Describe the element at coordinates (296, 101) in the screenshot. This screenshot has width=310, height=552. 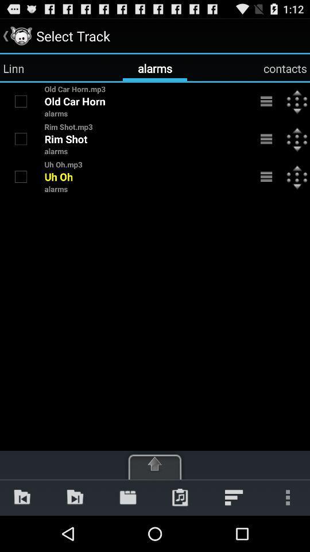
I see `the icon next to the menu bar on the first text` at that location.